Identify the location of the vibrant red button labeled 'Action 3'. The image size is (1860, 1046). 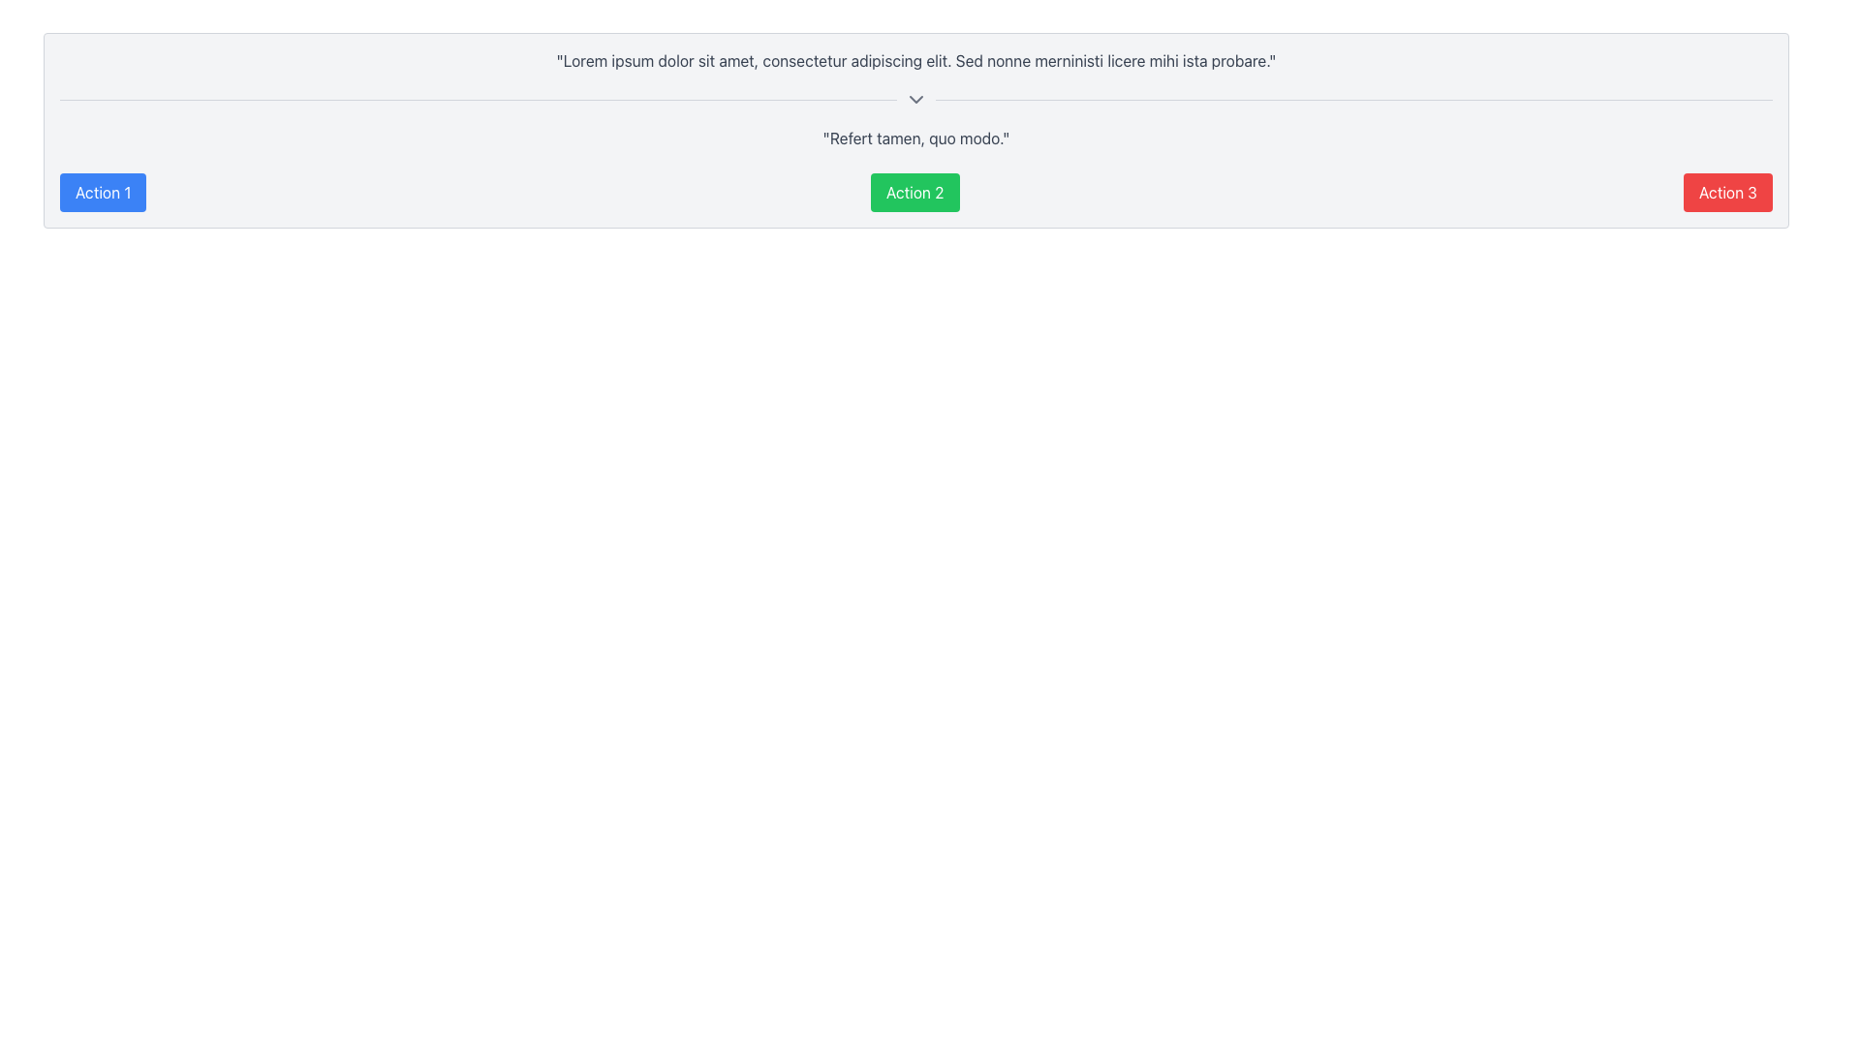
(1728, 193).